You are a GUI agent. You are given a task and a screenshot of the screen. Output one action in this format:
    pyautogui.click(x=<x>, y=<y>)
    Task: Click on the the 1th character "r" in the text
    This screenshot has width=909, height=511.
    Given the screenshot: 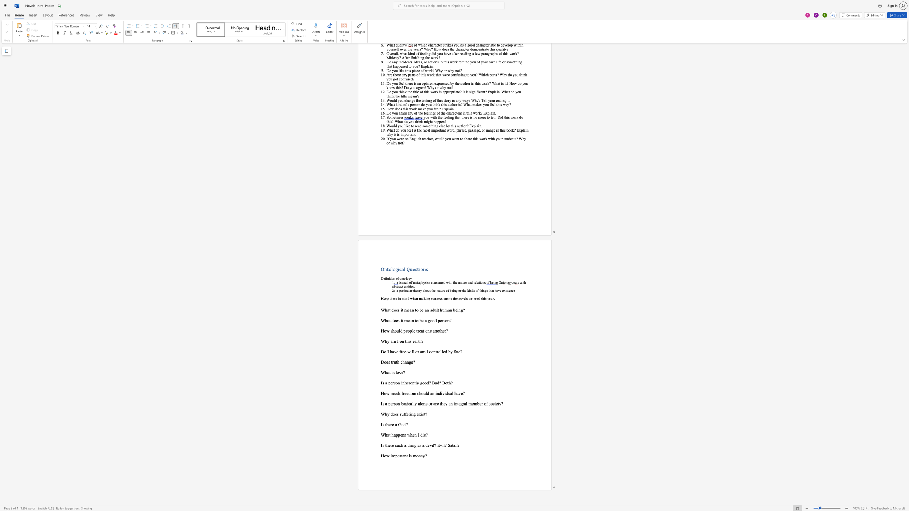 What is the action you would take?
    pyautogui.click(x=409, y=414)
    